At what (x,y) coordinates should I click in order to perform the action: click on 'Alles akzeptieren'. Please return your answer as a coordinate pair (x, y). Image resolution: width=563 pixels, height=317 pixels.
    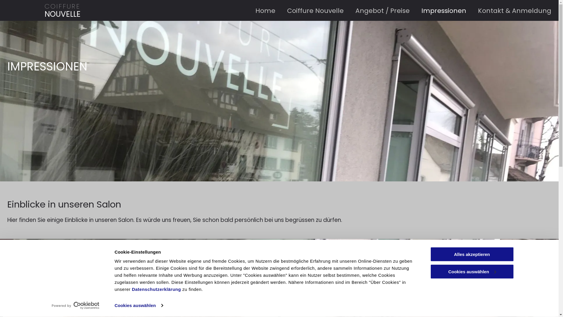
    Looking at the image, I should click on (472, 254).